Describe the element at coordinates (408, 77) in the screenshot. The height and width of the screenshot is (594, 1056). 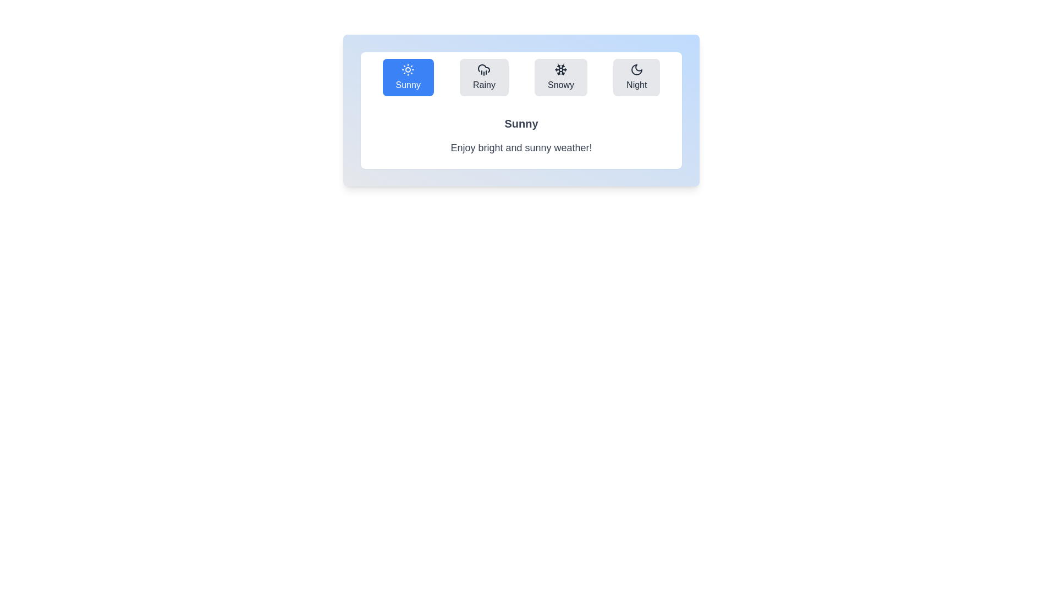
I see `the weather condition icon corresponding to Sunny` at that location.